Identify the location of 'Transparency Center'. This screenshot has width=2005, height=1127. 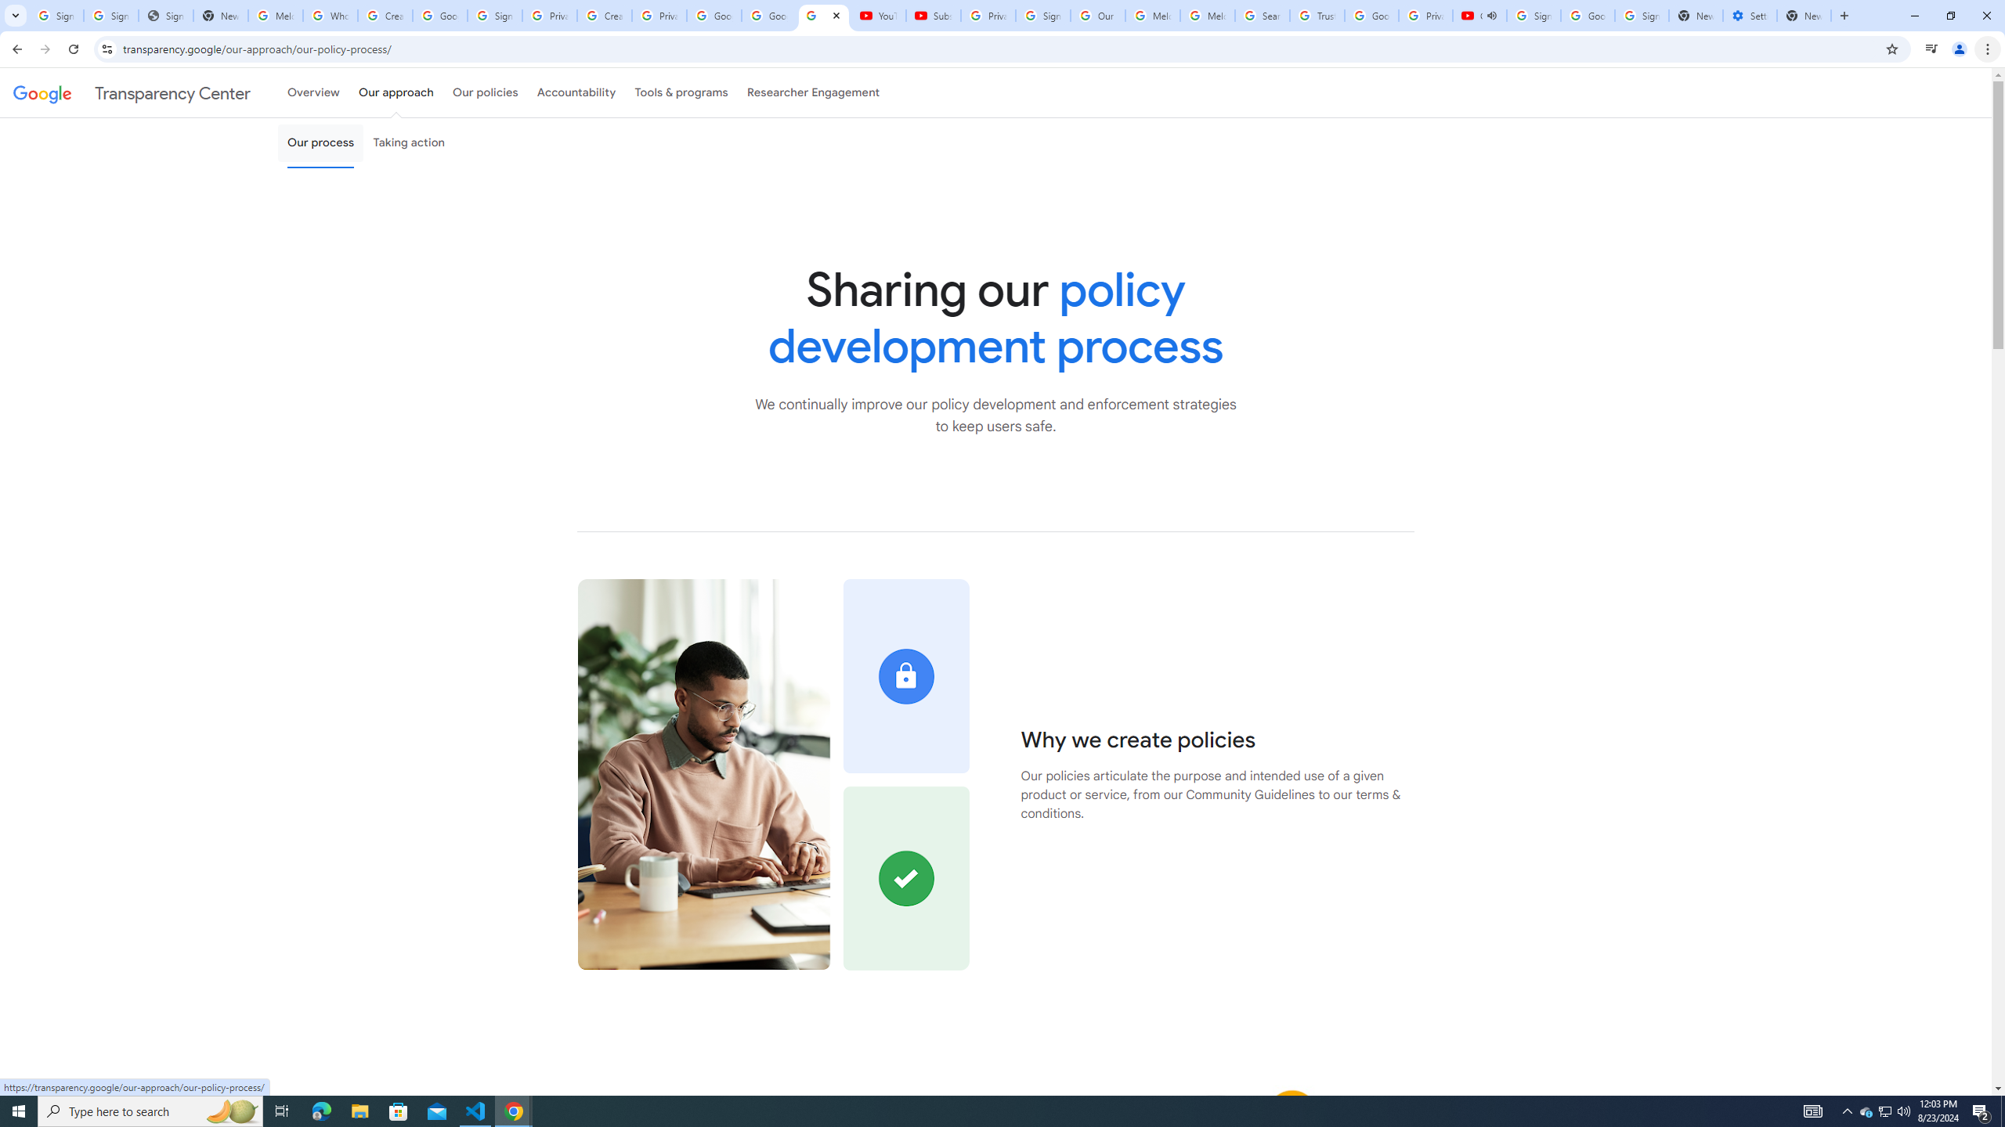
(131, 92).